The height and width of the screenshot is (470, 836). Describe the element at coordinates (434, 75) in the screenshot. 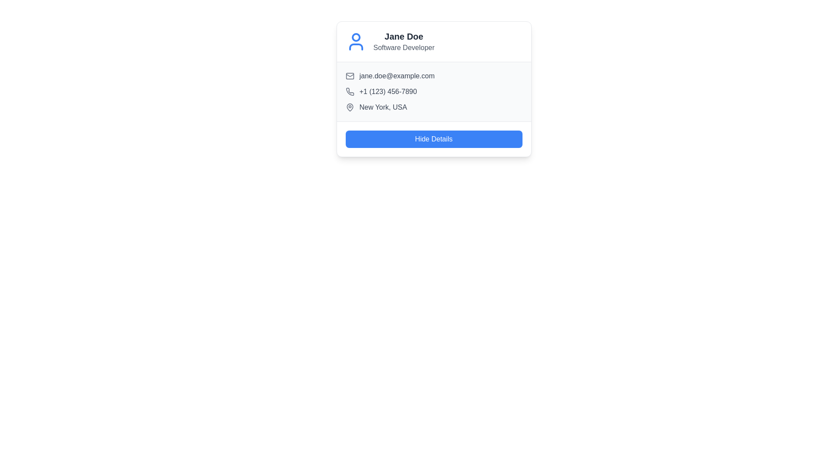

I see `the email display field located in the contact information section of the card layout, which is the first item in a grouped list` at that location.